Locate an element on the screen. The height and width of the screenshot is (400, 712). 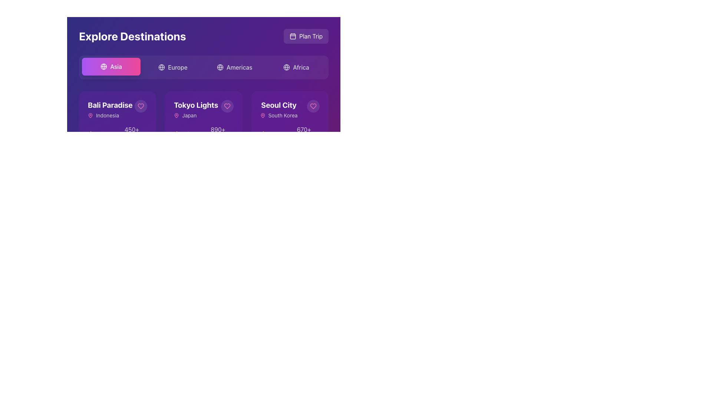
text display titled 'Bali Paradise' with the descriptor 'Indonesia' styled in bold white and gray fonts on a purple background is located at coordinates (110, 110).